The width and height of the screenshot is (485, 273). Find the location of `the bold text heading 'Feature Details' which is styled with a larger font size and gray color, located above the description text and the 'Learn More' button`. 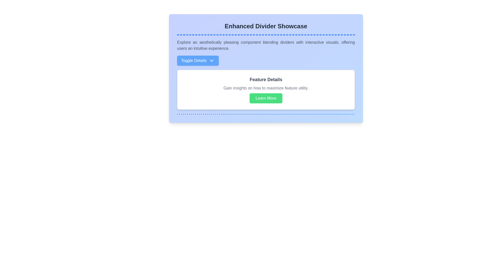

the bold text heading 'Feature Details' which is styled with a larger font size and gray color, located above the description text and the 'Learn More' button is located at coordinates (265, 80).